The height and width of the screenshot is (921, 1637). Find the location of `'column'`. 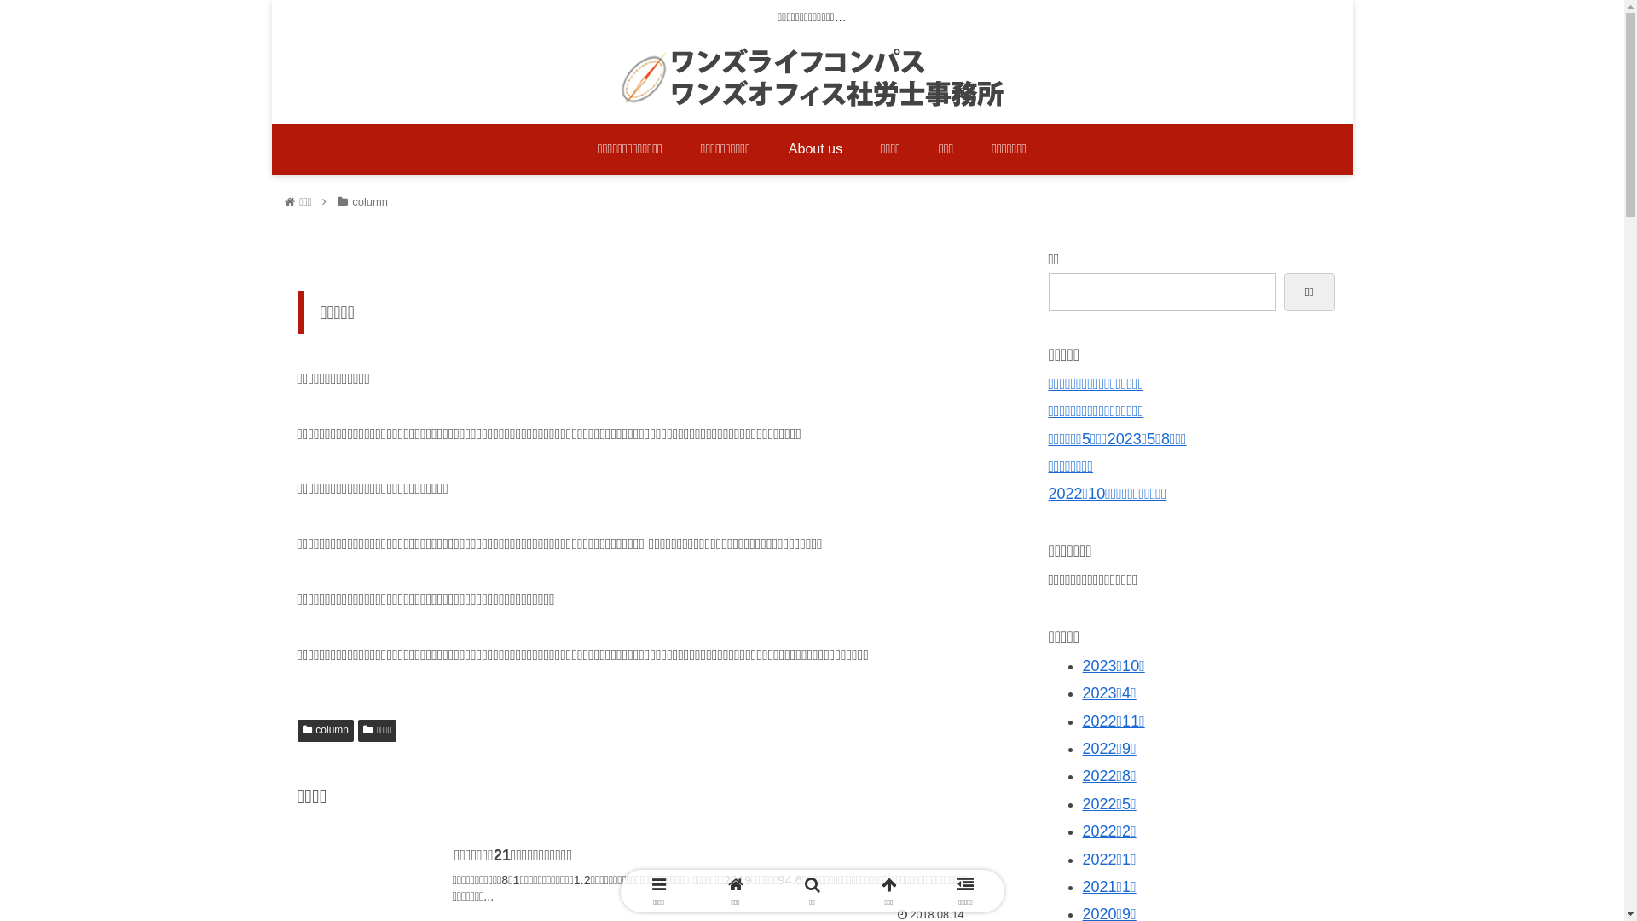

'column' is located at coordinates (324, 729).